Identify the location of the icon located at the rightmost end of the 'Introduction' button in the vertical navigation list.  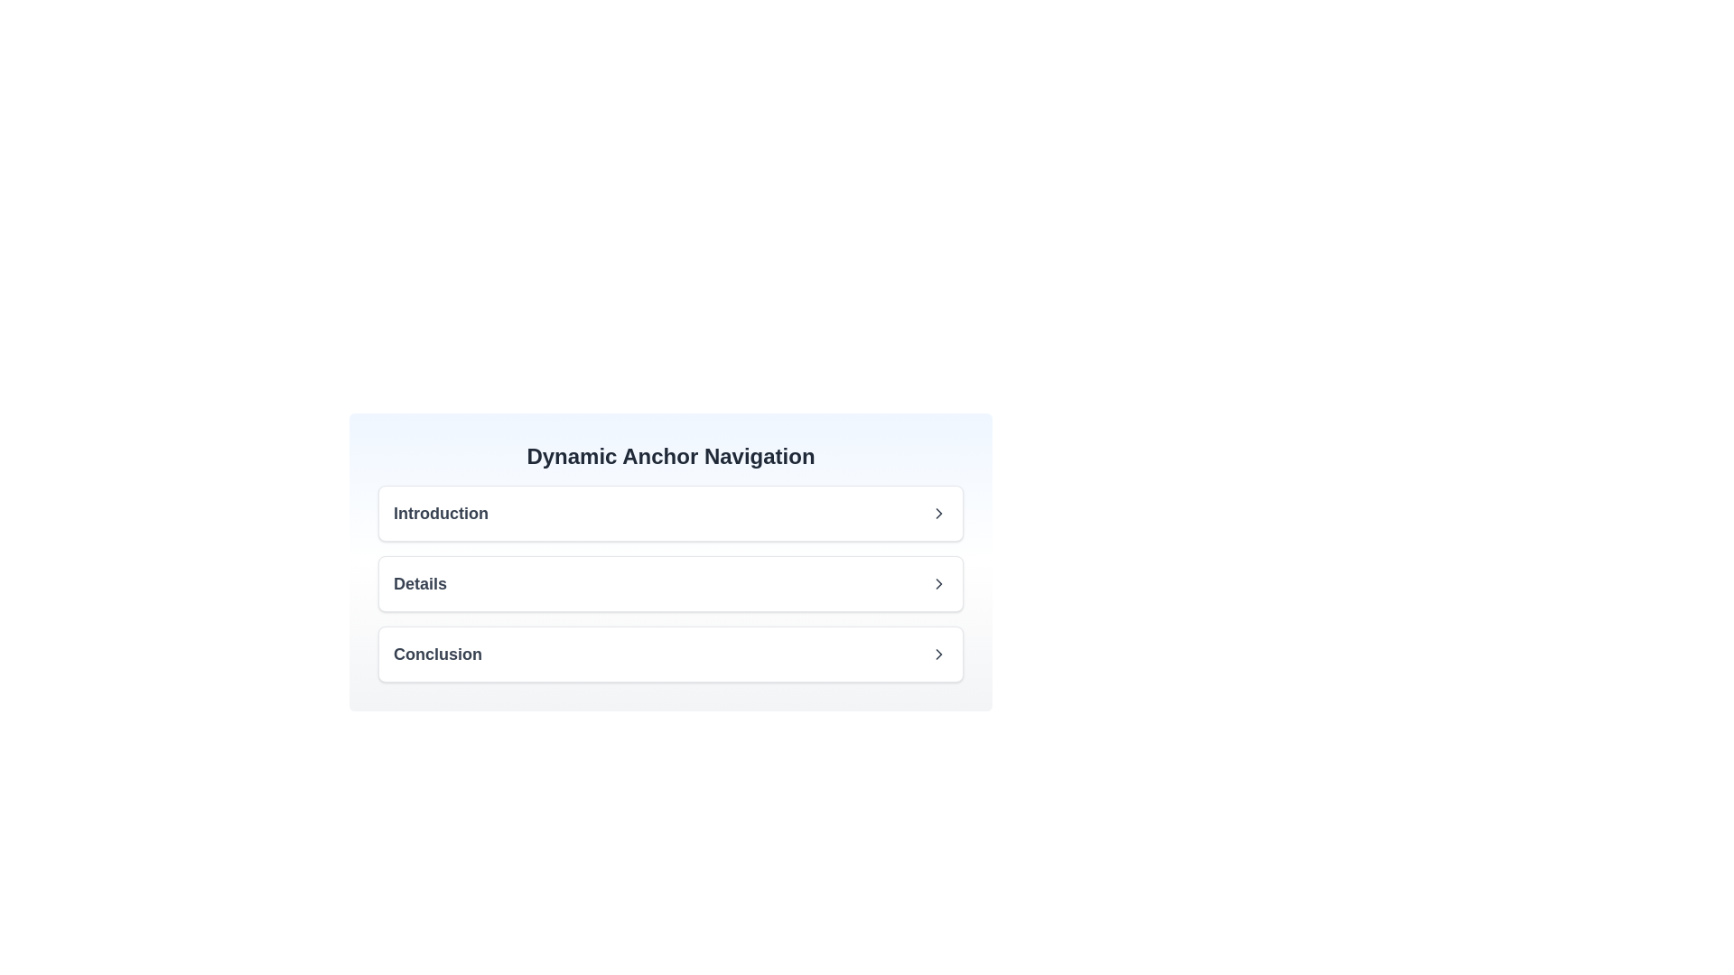
(939, 514).